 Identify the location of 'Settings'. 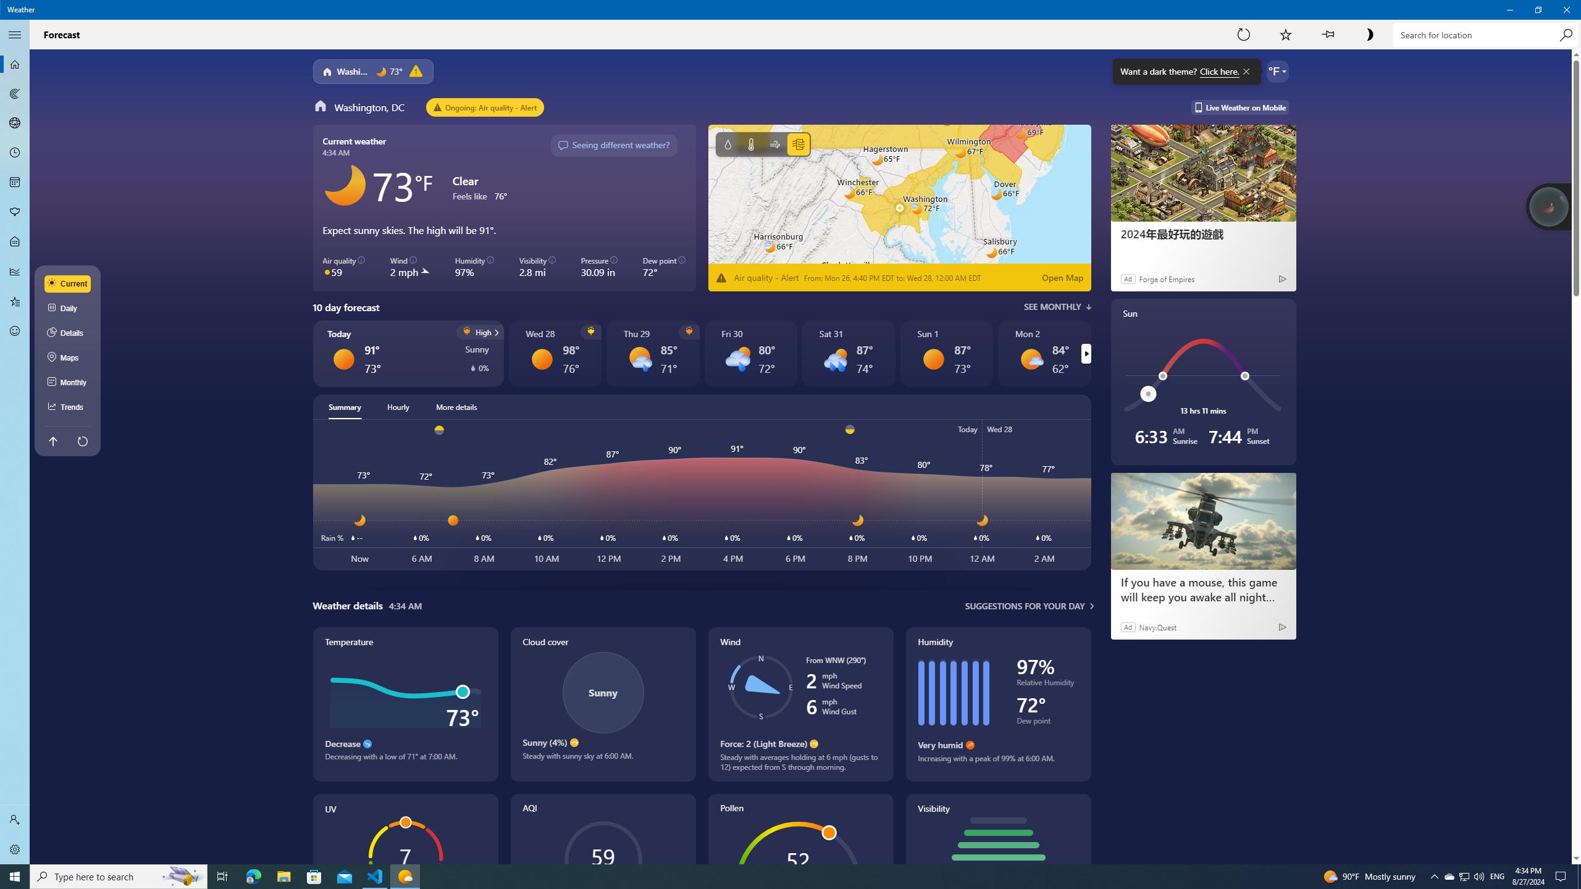
(15, 848).